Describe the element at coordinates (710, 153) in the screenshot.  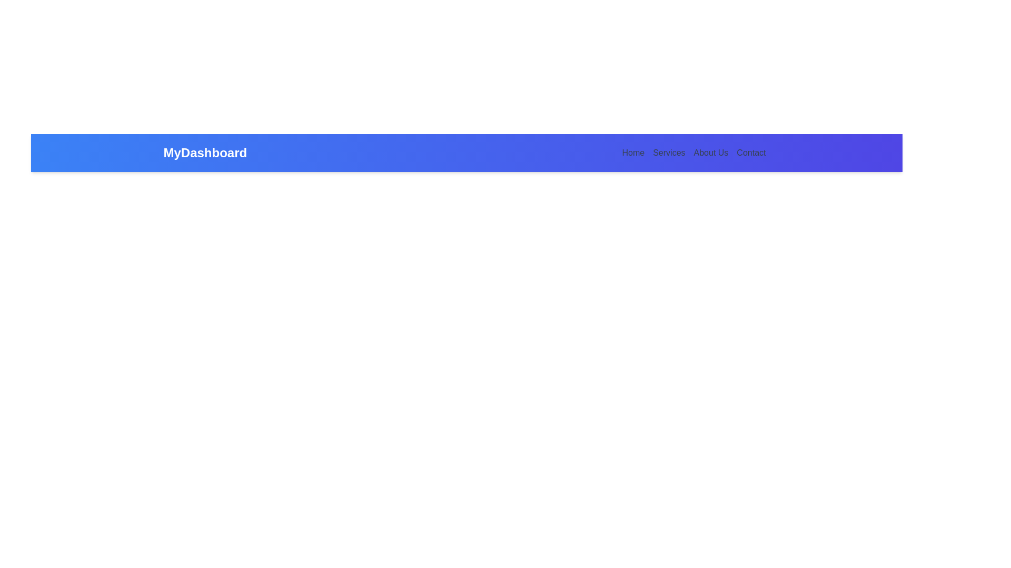
I see `the 'About Us' text hyperlink located in the navigation bar` at that location.